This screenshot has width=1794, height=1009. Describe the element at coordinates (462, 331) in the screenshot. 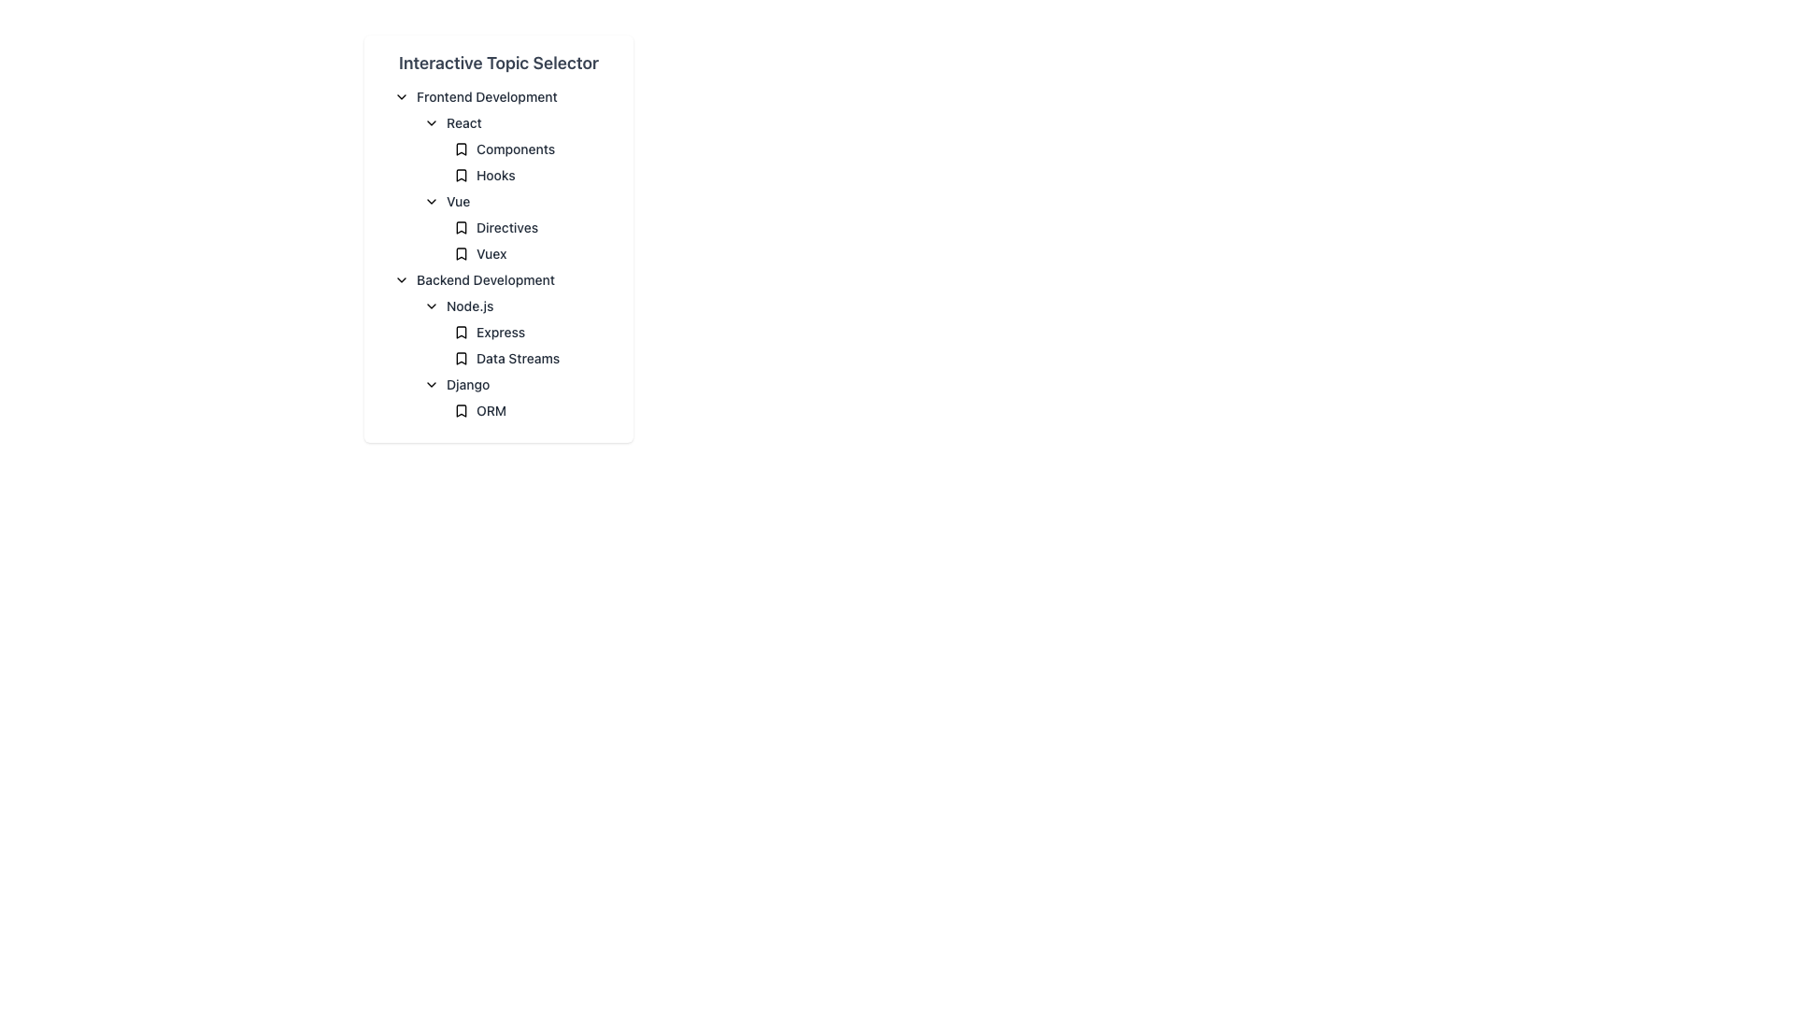

I see `the SVG icon associated with the 'Express' item in the 'Backend Development' section under 'Node.js', which is located to the left of the text label 'Express'` at that location.